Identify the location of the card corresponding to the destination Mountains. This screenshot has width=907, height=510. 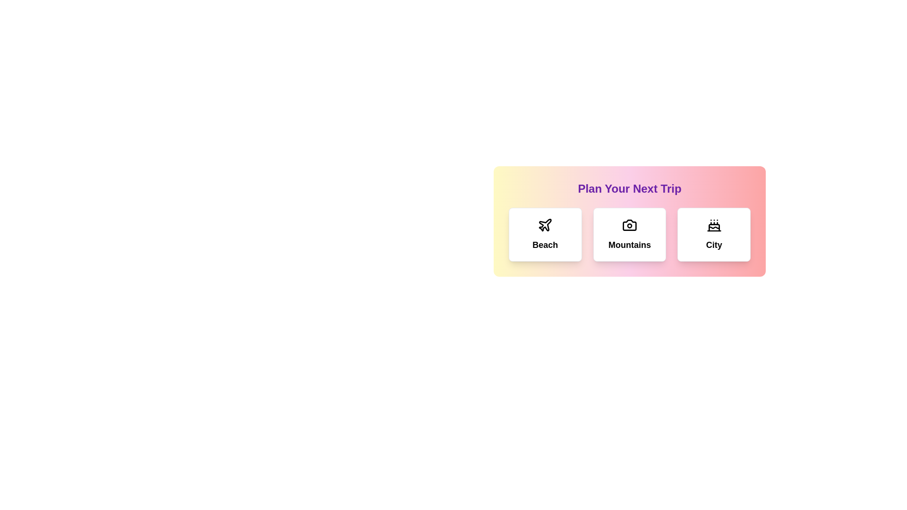
(630, 234).